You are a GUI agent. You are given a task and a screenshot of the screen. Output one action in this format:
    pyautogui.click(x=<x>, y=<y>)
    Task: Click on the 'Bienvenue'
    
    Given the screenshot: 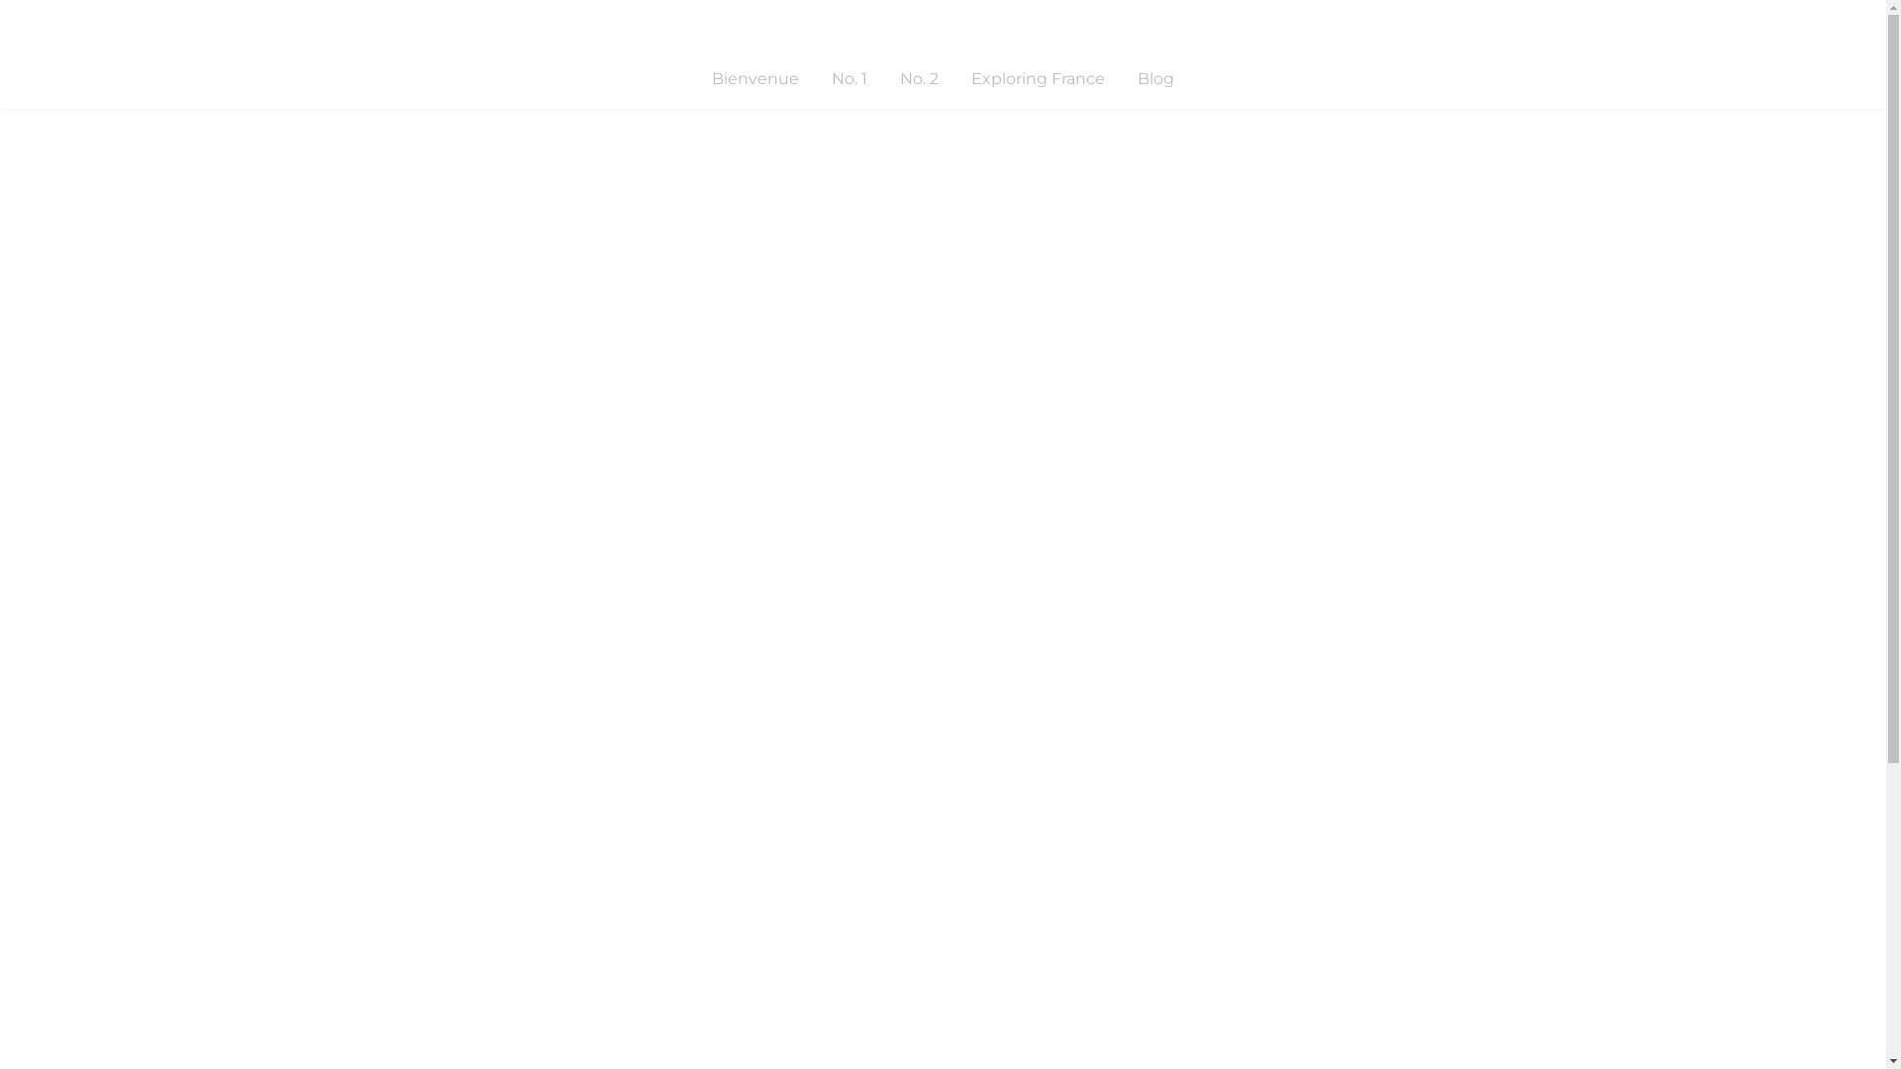 What is the action you would take?
    pyautogui.click(x=754, y=78)
    